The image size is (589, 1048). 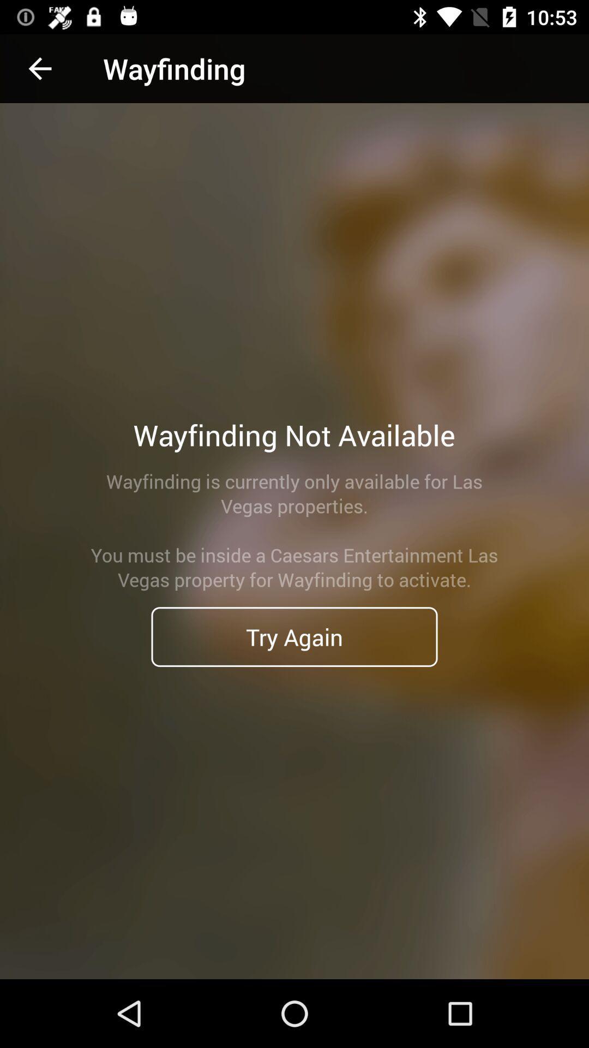 What do you see at coordinates (39, 68) in the screenshot?
I see `item to the left of wayfinding` at bounding box center [39, 68].